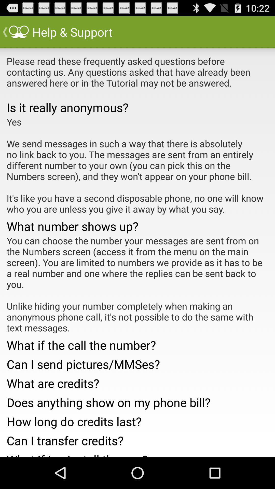 Image resolution: width=275 pixels, height=489 pixels. Describe the element at coordinates (137, 284) in the screenshot. I see `the item below the what number shows icon` at that location.